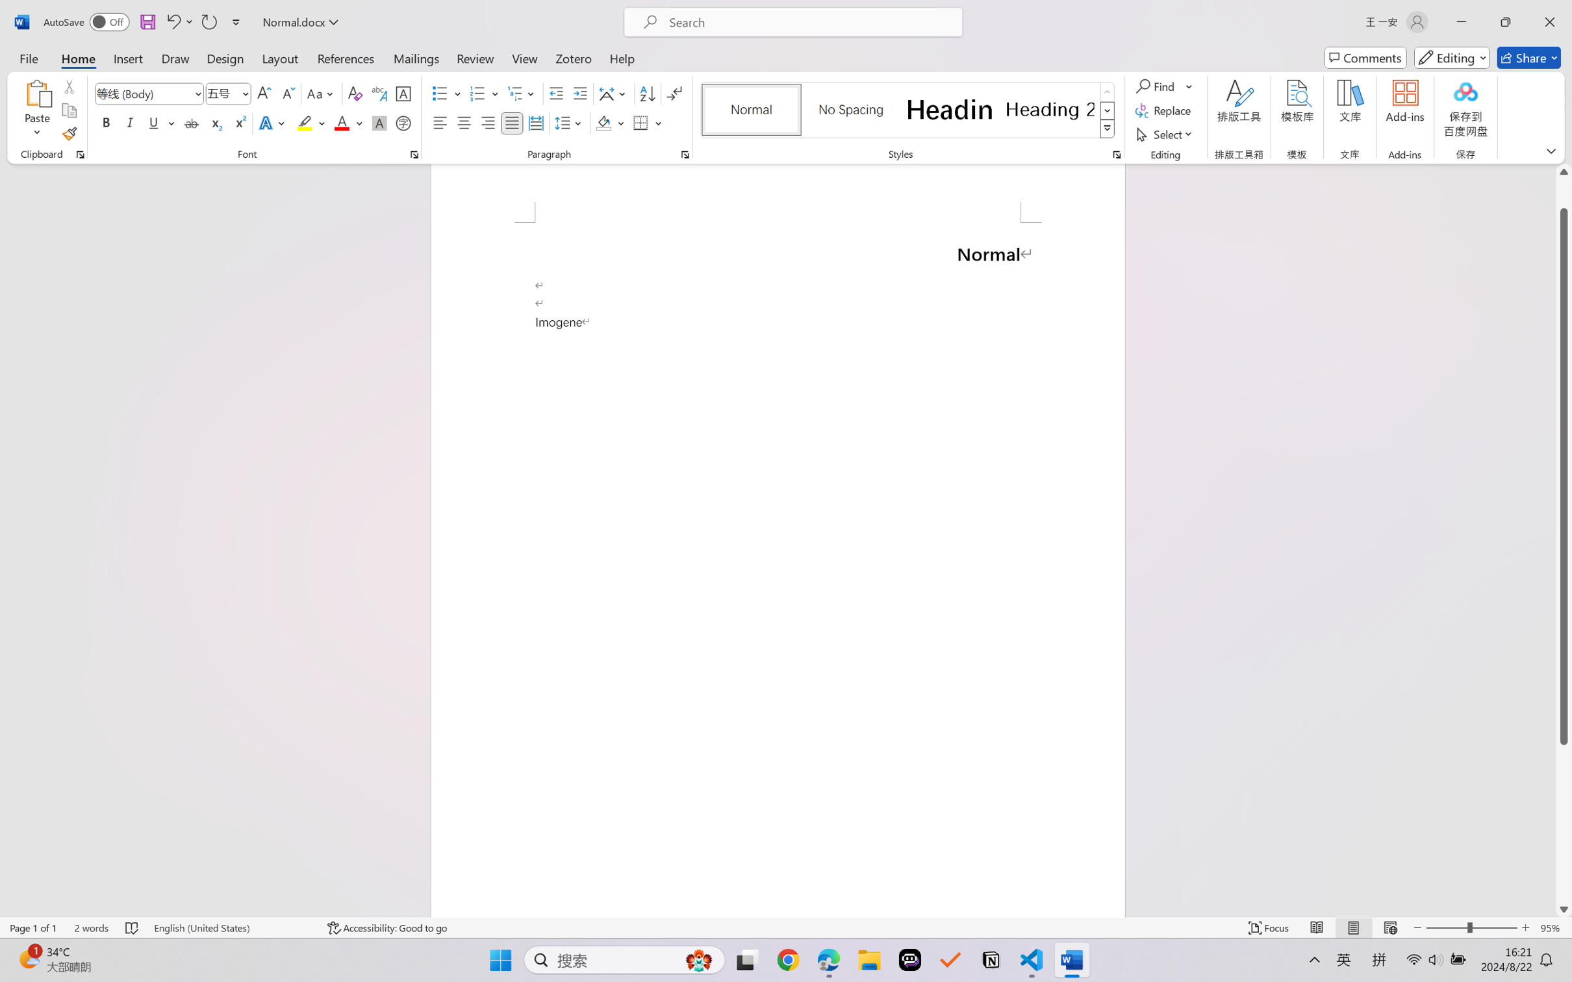 The image size is (1572, 982). I want to click on 'Change Case', so click(320, 94).